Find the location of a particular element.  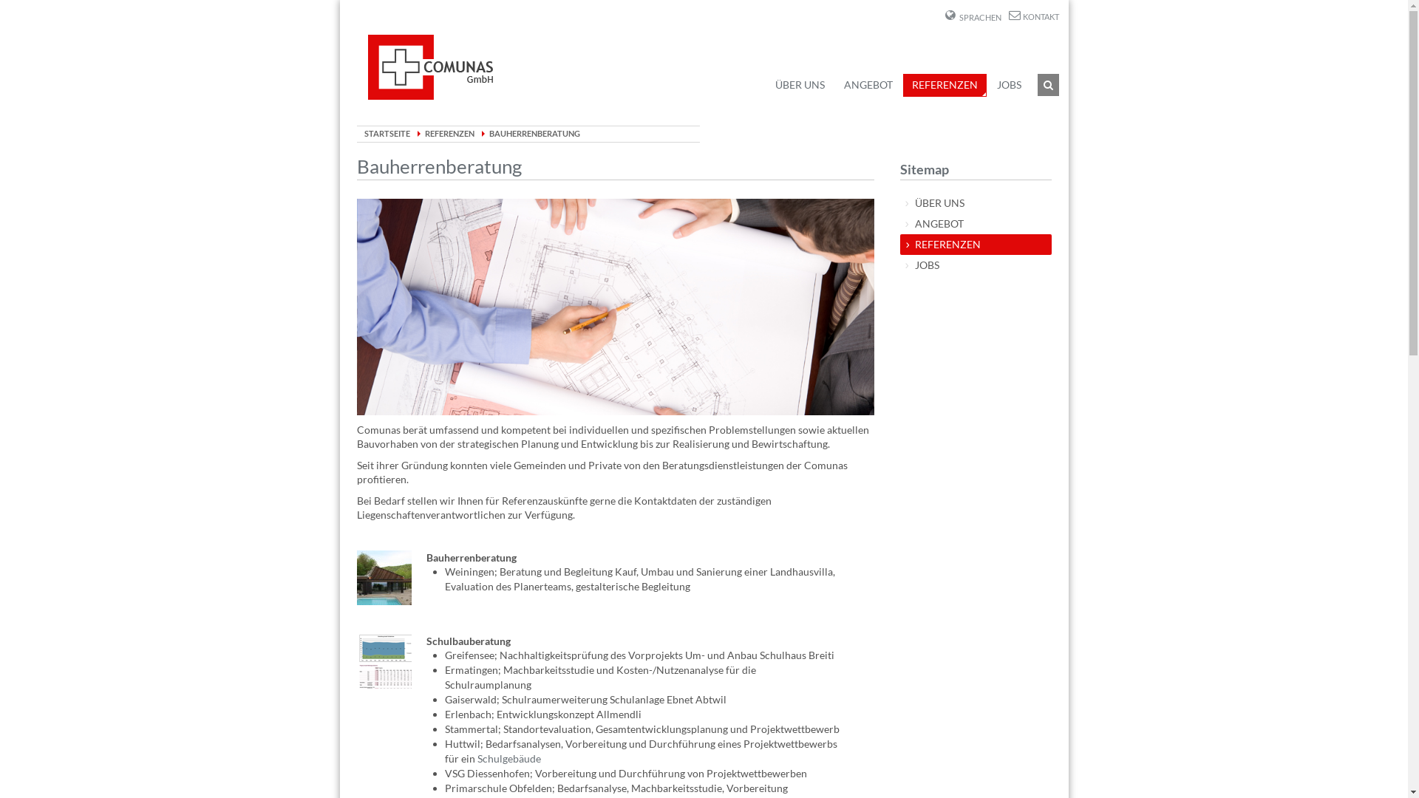

'JOBS' is located at coordinates (1007, 85).